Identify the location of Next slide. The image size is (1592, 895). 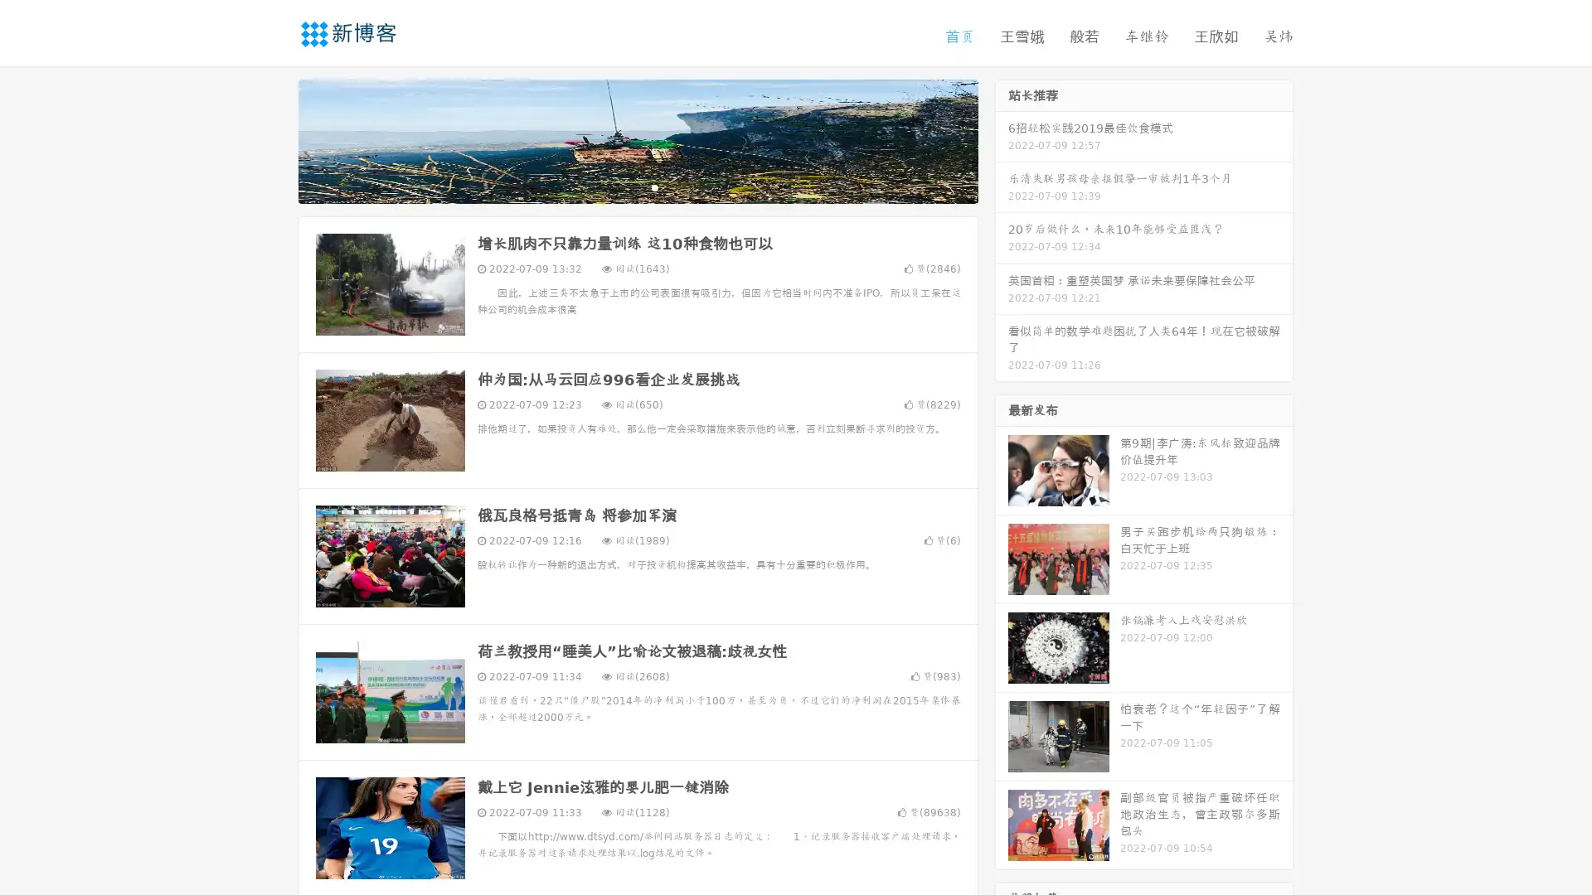
(1002, 139).